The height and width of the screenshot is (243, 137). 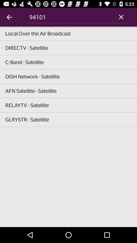 I want to click on item at the top right corner, so click(x=121, y=17).